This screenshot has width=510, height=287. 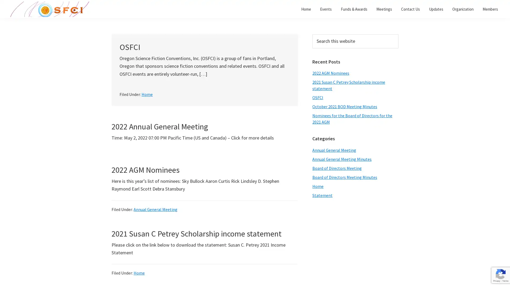 I want to click on Search, so click(x=398, y=34).